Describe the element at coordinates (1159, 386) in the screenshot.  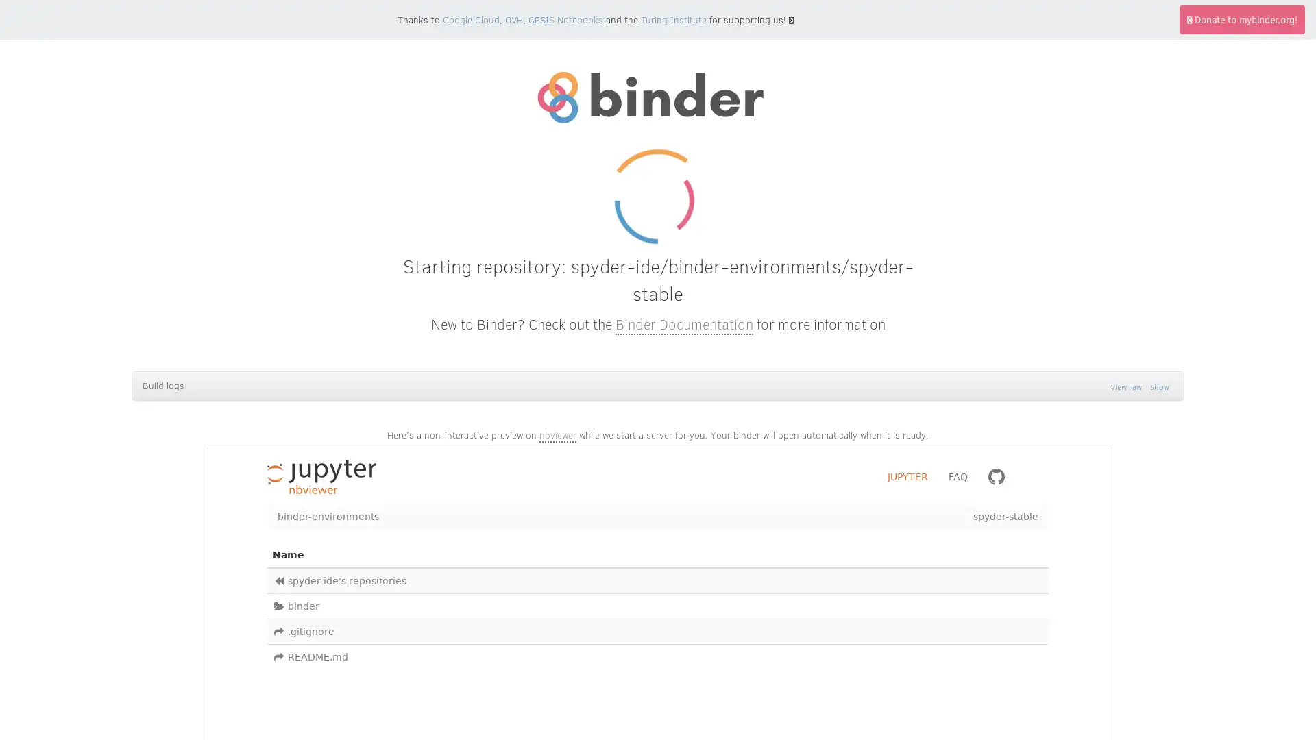
I see `show` at that location.